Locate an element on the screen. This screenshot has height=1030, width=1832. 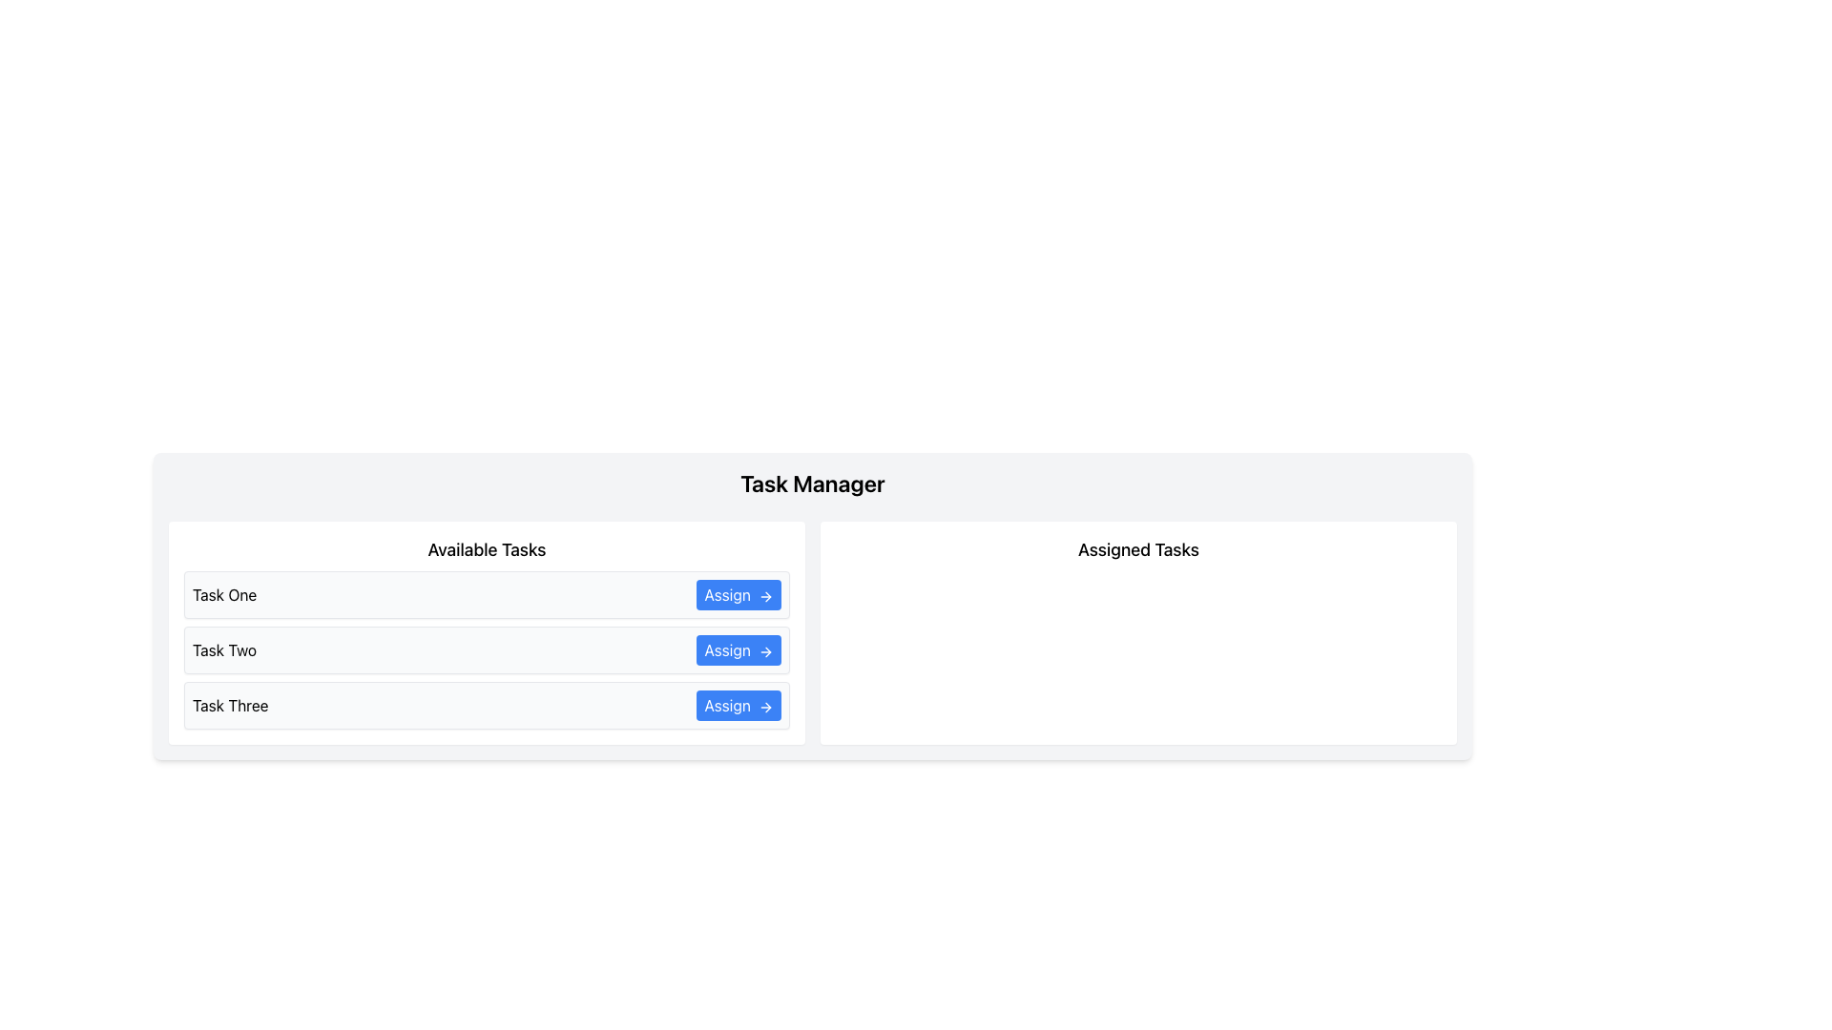
the arrow icon located at the rightmost portion of the 'Assign' button in the 'Available Tasks' section is located at coordinates (765, 649).